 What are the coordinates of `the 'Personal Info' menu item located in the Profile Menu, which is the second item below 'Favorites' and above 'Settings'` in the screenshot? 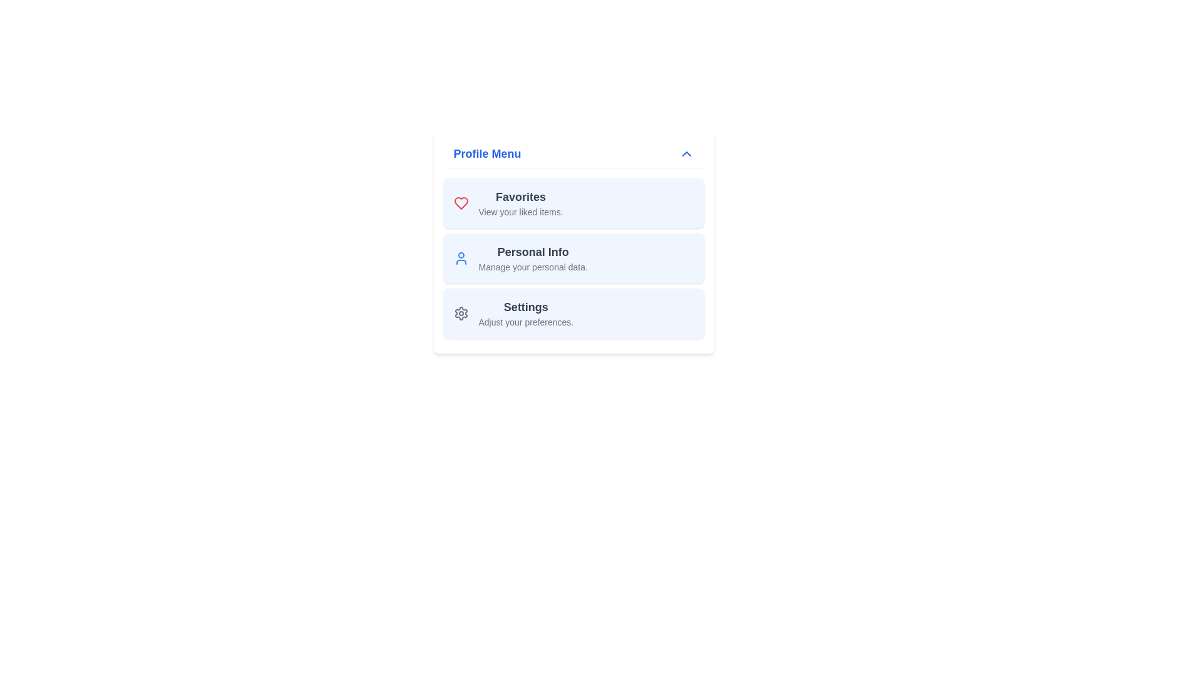 It's located at (573, 242).